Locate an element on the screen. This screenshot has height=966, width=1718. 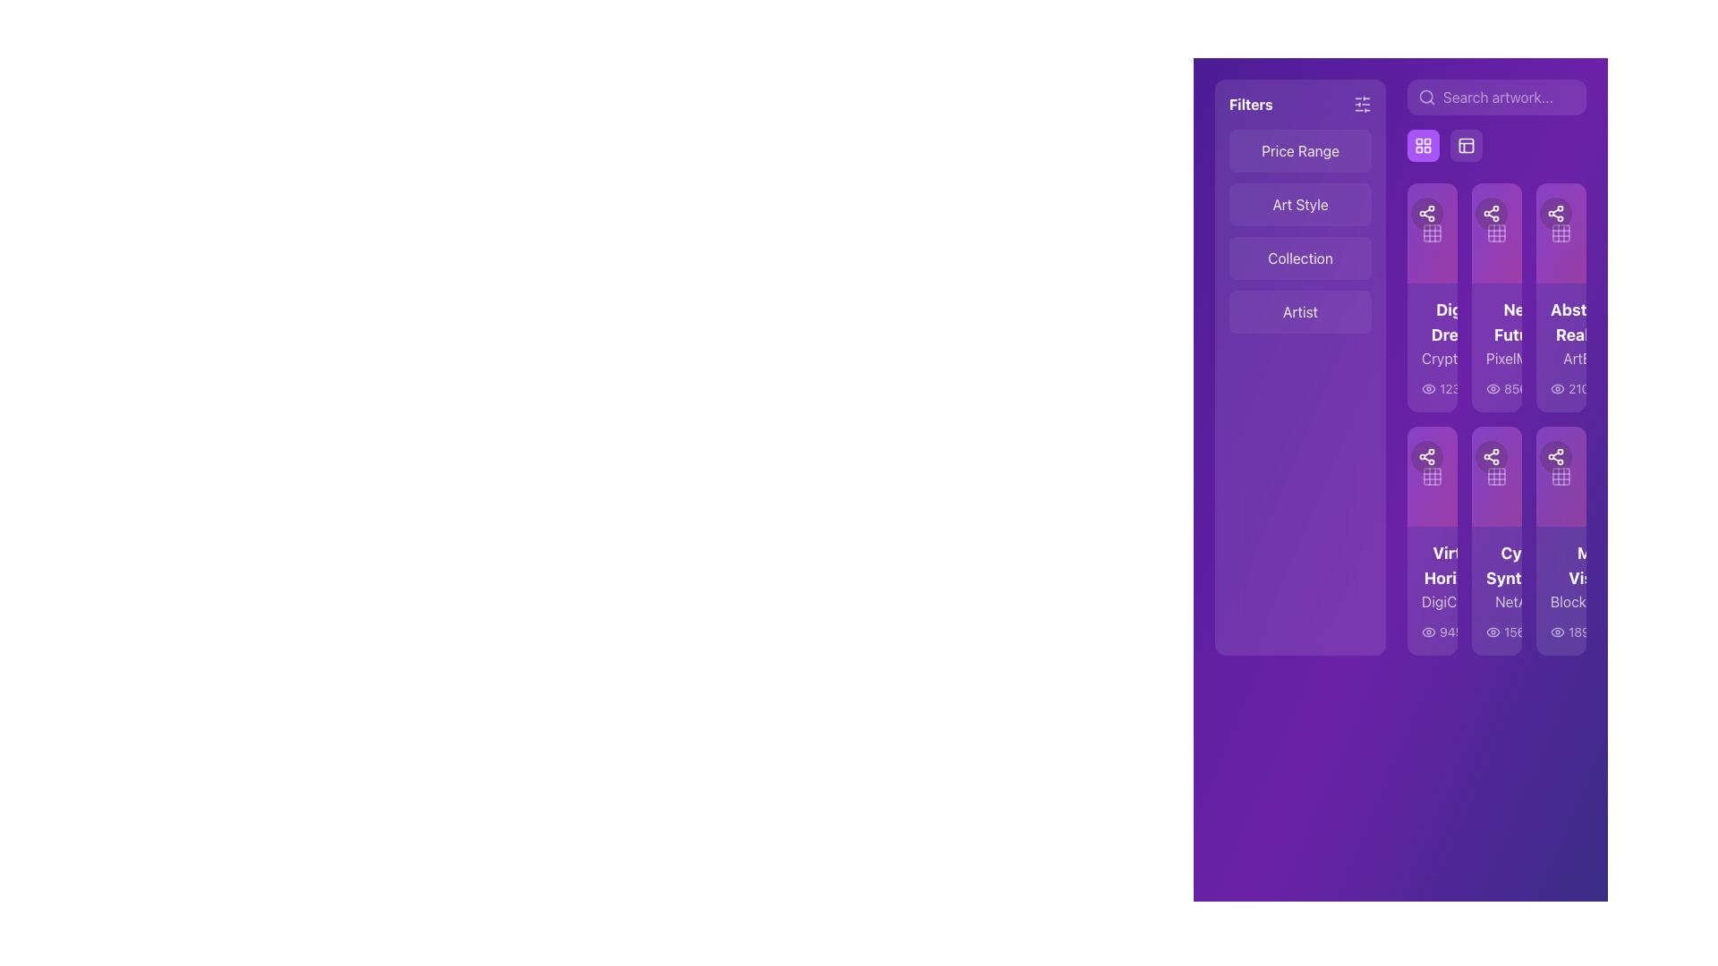
the numerical value text label located in the bottom-right corner of a card, immediately to the right of the eye icon is located at coordinates (1517, 631).